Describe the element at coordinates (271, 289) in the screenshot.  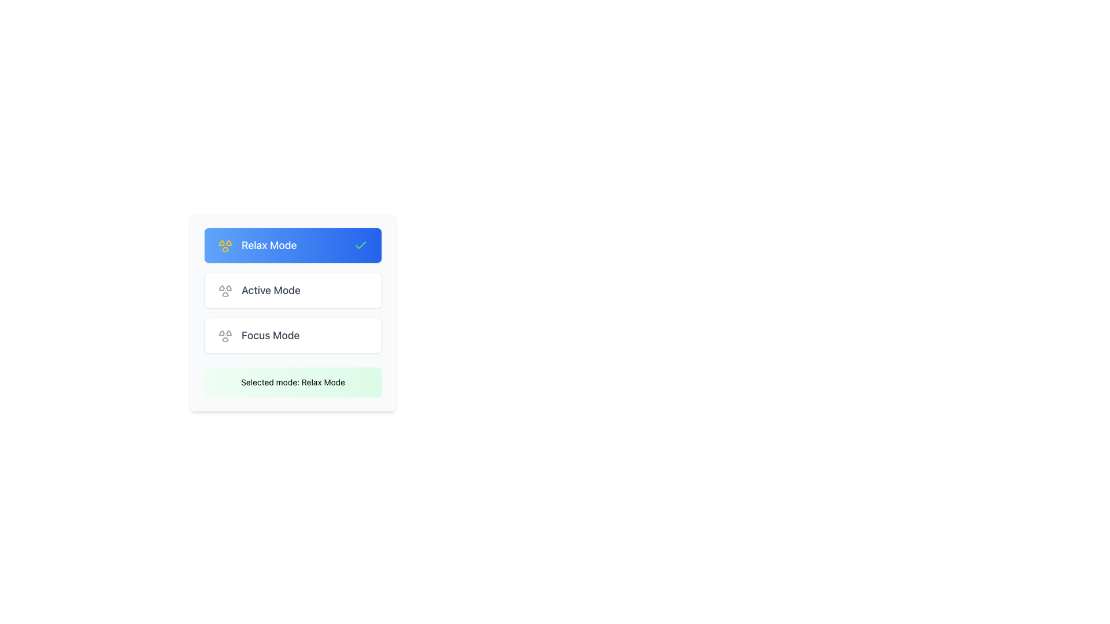
I see `text 'Active Mode' from the text label positioned in the second row of the vertically stacked list of modes, located below 'Relax Mode' and above 'Focus Mode'` at that location.